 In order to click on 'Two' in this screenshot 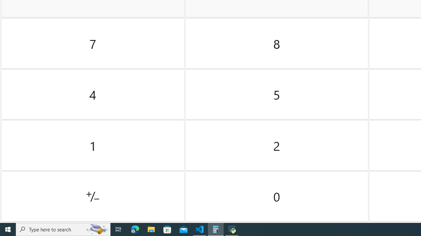, I will do `click(277, 145)`.